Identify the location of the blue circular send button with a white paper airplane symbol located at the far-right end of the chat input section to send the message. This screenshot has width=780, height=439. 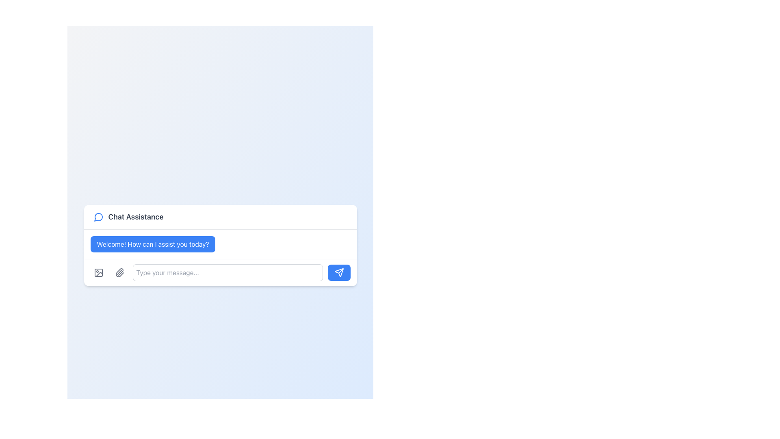
(339, 273).